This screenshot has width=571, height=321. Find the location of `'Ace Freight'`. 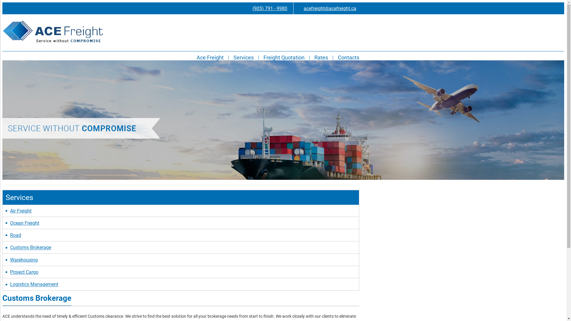

'Ace Freight' is located at coordinates (210, 57).